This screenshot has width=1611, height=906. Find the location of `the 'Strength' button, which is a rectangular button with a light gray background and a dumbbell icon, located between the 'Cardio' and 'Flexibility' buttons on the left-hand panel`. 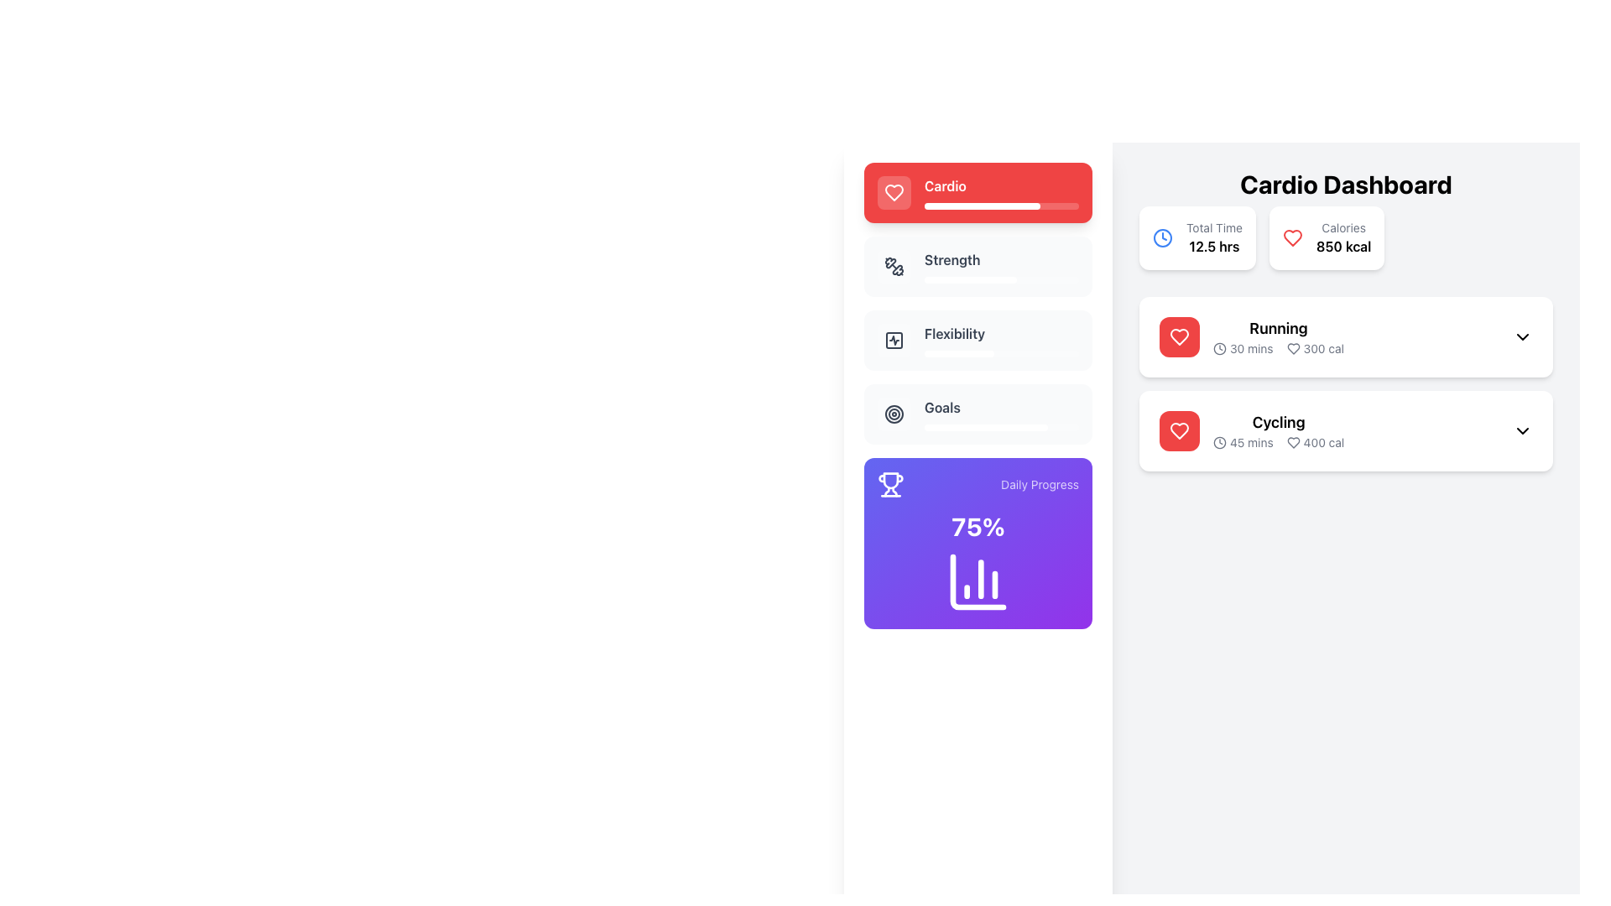

the 'Strength' button, which is a rectangular button with a light gray background and a dumbbell icon, located between the 'Cardio' and 'Flexibility' buttons on the left-hand panel is located at coordinates (978, 265).